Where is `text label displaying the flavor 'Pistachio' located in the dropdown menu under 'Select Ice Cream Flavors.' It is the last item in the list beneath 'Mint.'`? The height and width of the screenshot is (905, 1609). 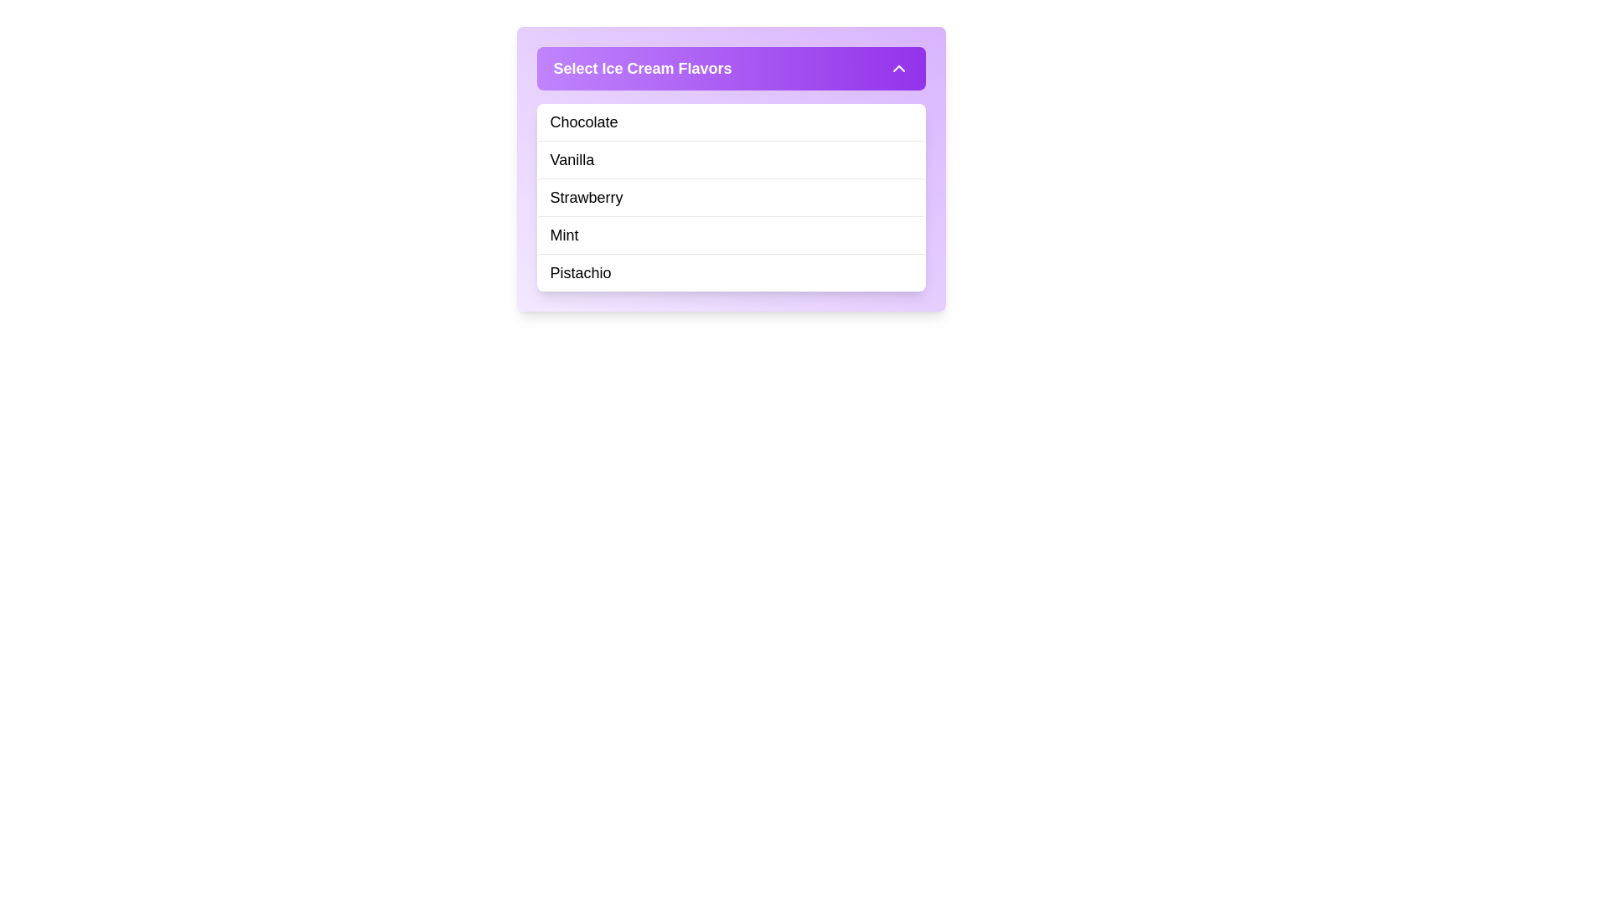
text label displaying the flavor 'Pistachio' located in the dropdown menu under 'Select Ice Cream Flavors.' It is the last item in the list beneath 'Mint.' is located at coordinates (580, 272).